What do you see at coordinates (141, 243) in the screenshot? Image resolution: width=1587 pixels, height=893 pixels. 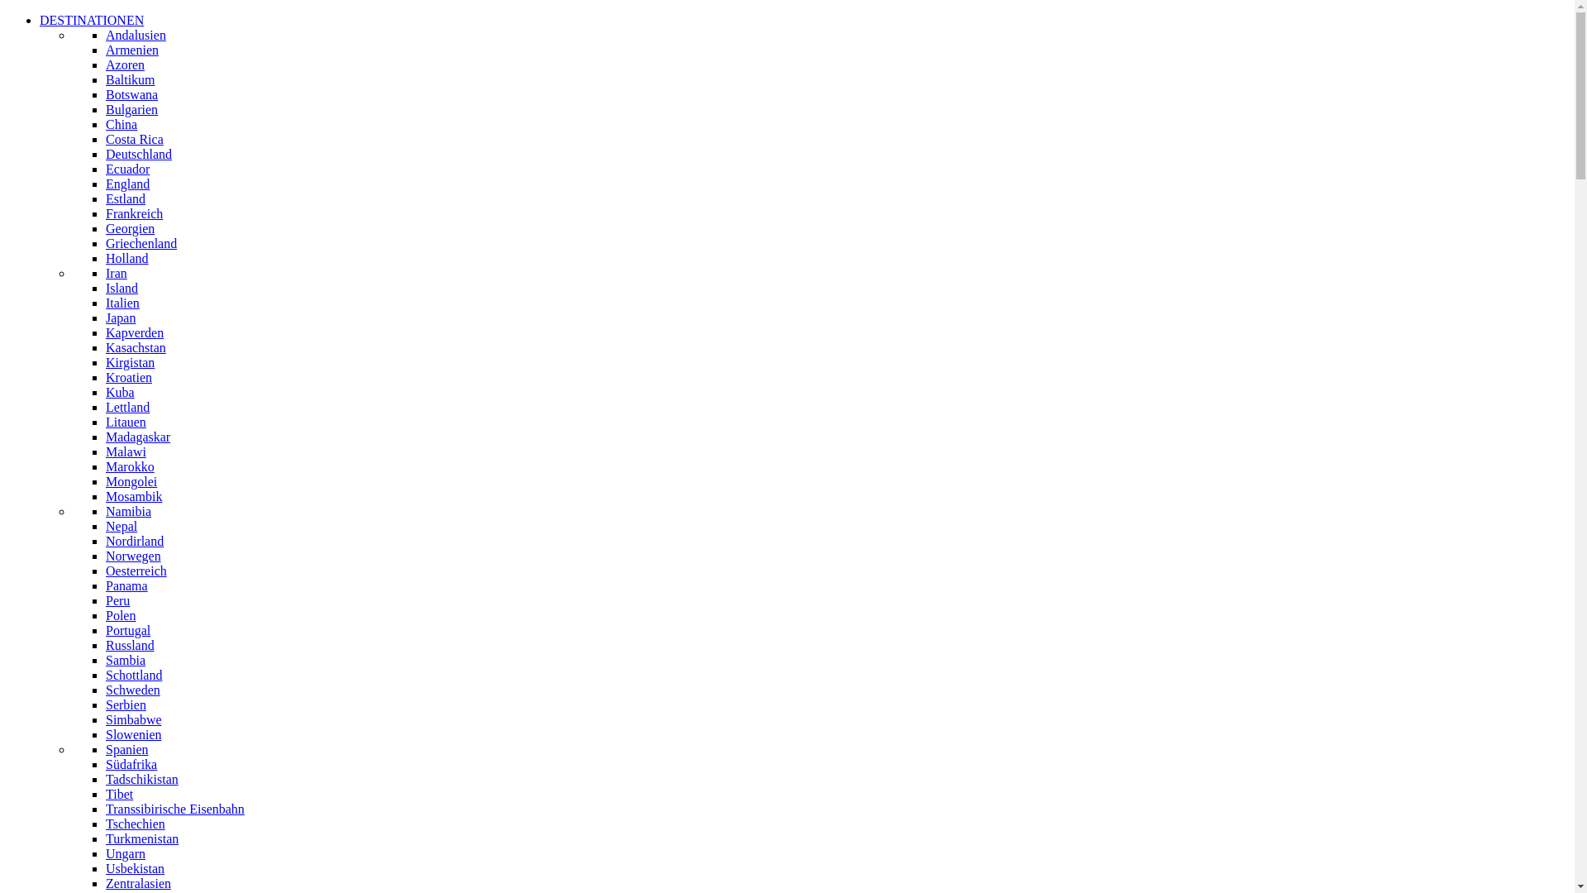 I see `'Griechenland'` at bounding box center [141, 243].